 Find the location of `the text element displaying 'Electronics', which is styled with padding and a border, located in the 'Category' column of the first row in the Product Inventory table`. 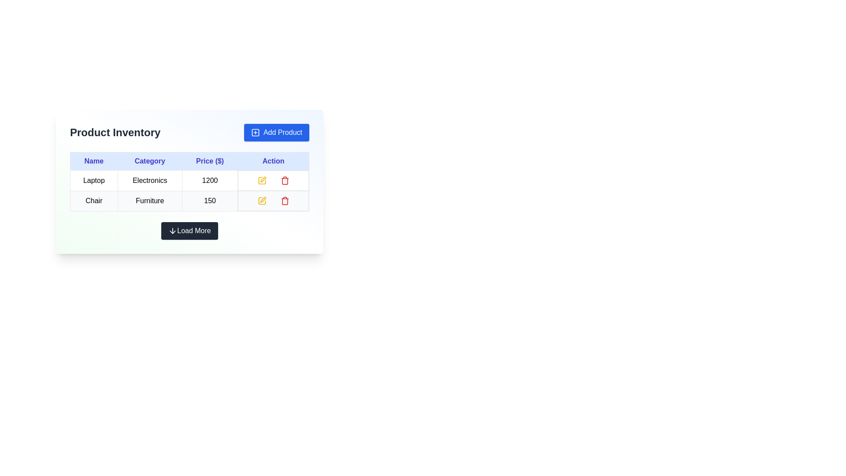

the text element displaying 'Electronics', which is styled with padding and a border, located in the 'Category' column of the first row in the Product Inventory table is located at coordinates (150, 180).